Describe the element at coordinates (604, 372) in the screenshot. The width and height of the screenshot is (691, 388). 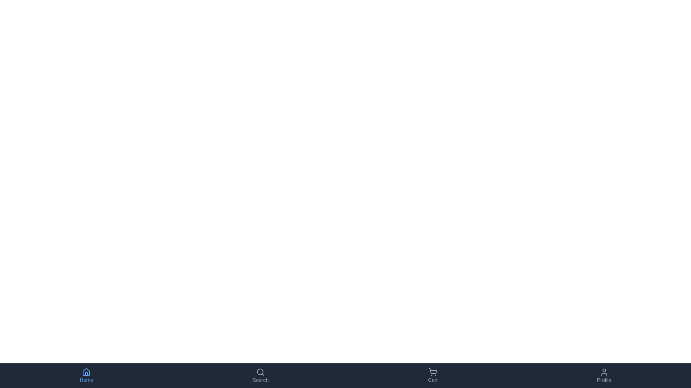
I see `the user-shaped profile icon located in the bottom navigation bar, specifically in the far-right section labeled 'Profile'` at that location.